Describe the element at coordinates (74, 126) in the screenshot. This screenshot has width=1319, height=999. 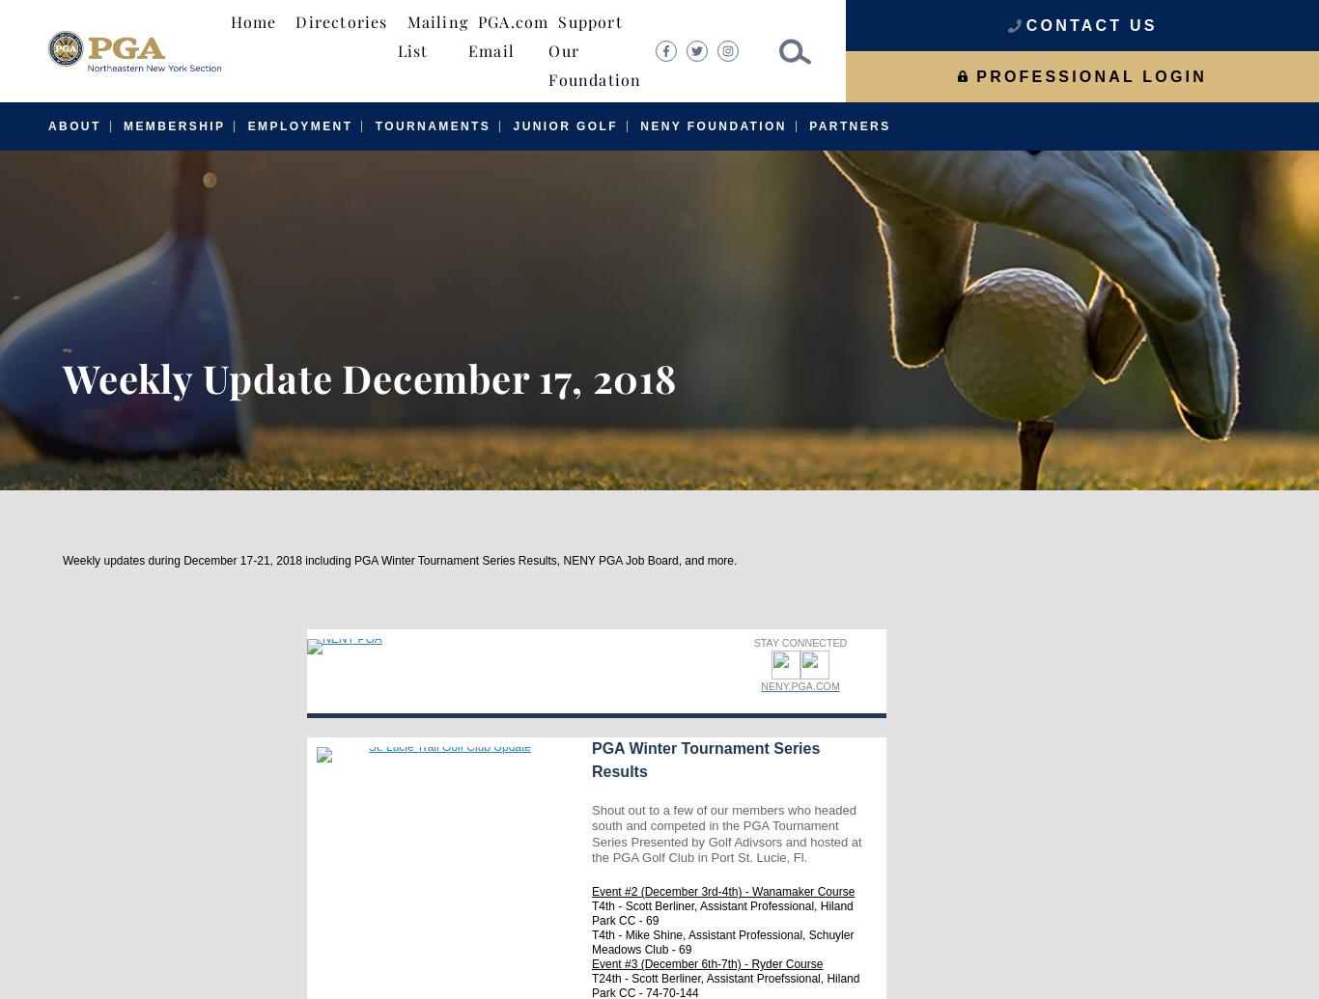
I see `'About'` at that location.